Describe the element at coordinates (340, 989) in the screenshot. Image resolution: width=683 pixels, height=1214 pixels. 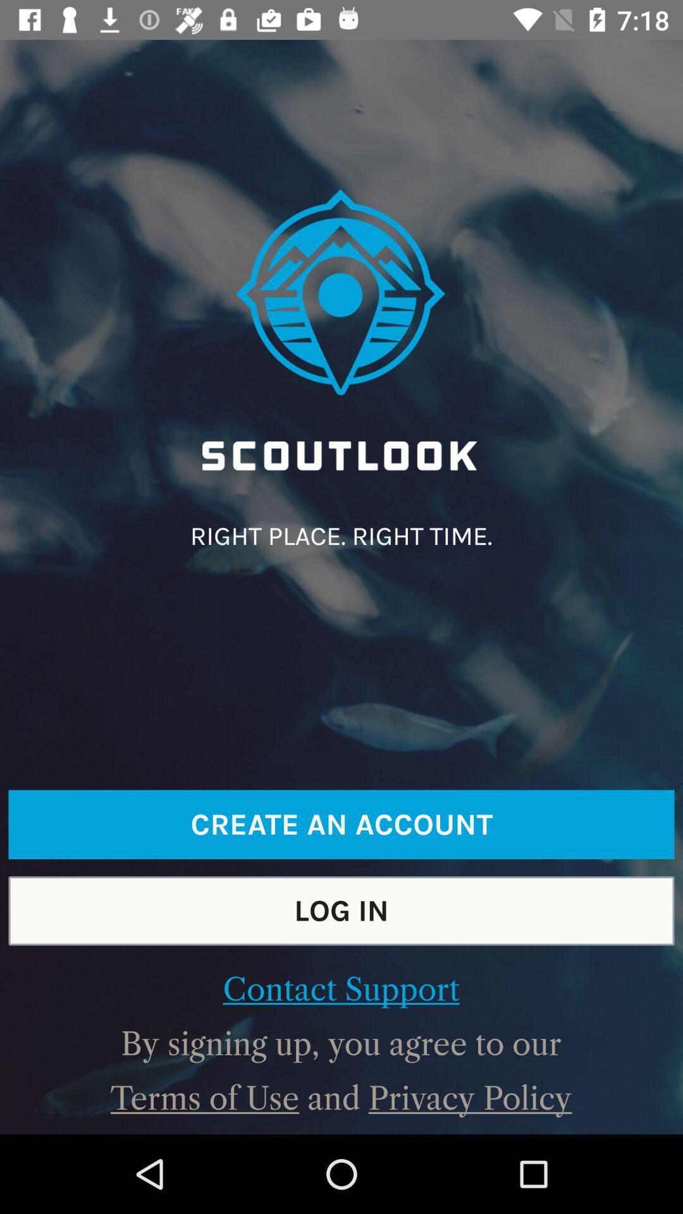
I see `contact support item` at that location.